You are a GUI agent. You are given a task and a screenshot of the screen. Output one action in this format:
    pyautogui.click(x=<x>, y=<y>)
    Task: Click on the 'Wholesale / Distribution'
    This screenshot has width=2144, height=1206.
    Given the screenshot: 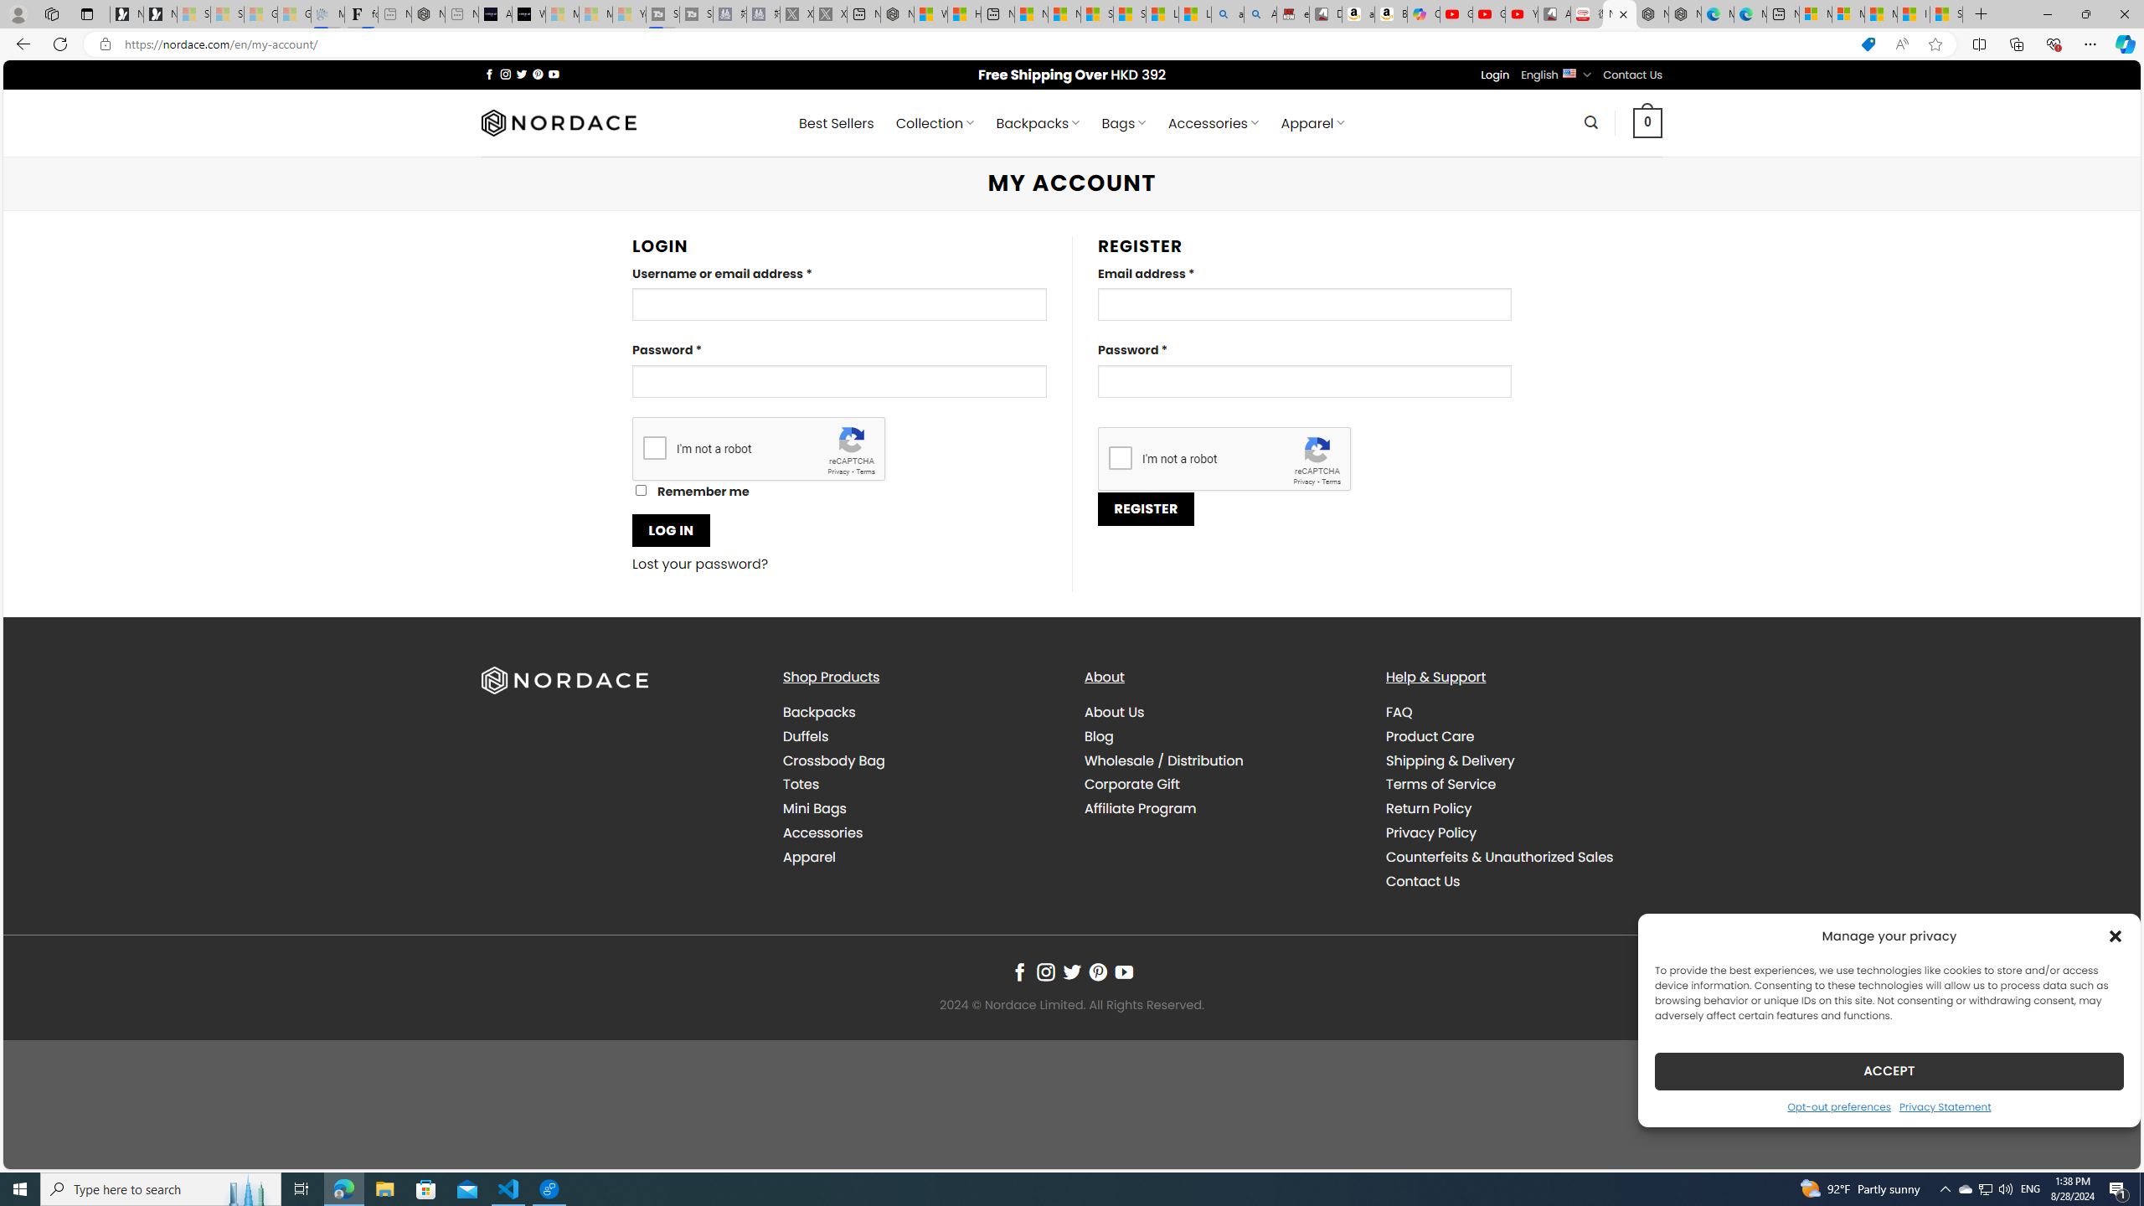 What is the action you would take?
    pyautogui.click(x=1164, y=760)
    